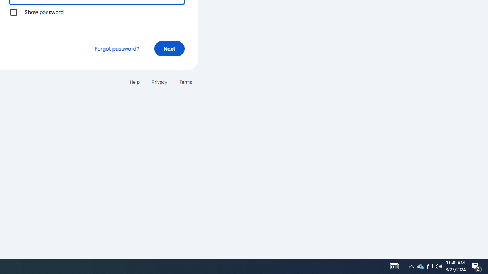 The width and height of the screenshot is (488, 274). What do you see at coordinates (169, 48) in the screenshot?
I see `'Next'` at bounding box center [169, 48].